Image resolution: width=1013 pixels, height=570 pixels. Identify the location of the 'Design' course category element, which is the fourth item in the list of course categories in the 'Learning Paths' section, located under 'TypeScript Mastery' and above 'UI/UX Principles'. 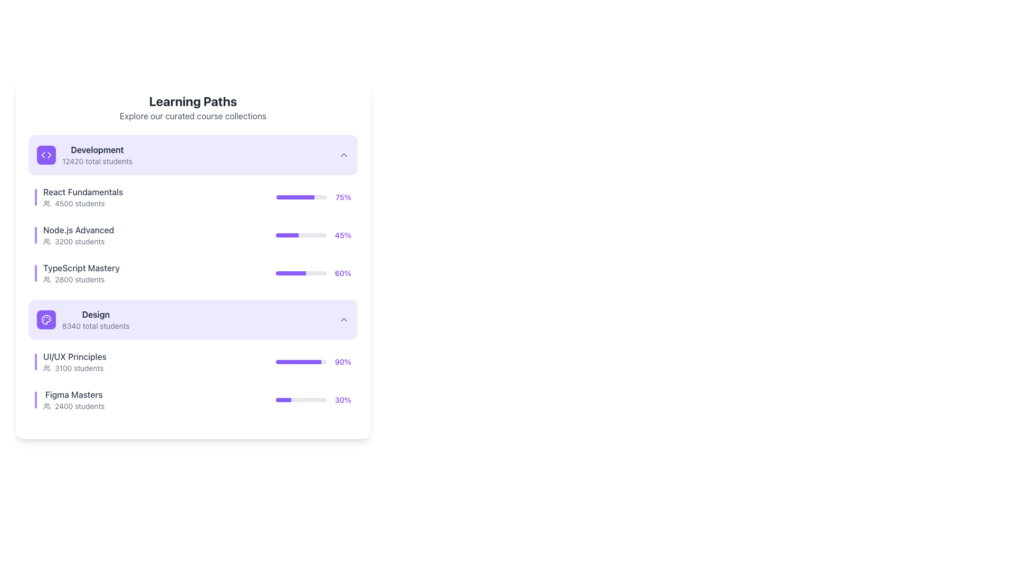
(82, 319).